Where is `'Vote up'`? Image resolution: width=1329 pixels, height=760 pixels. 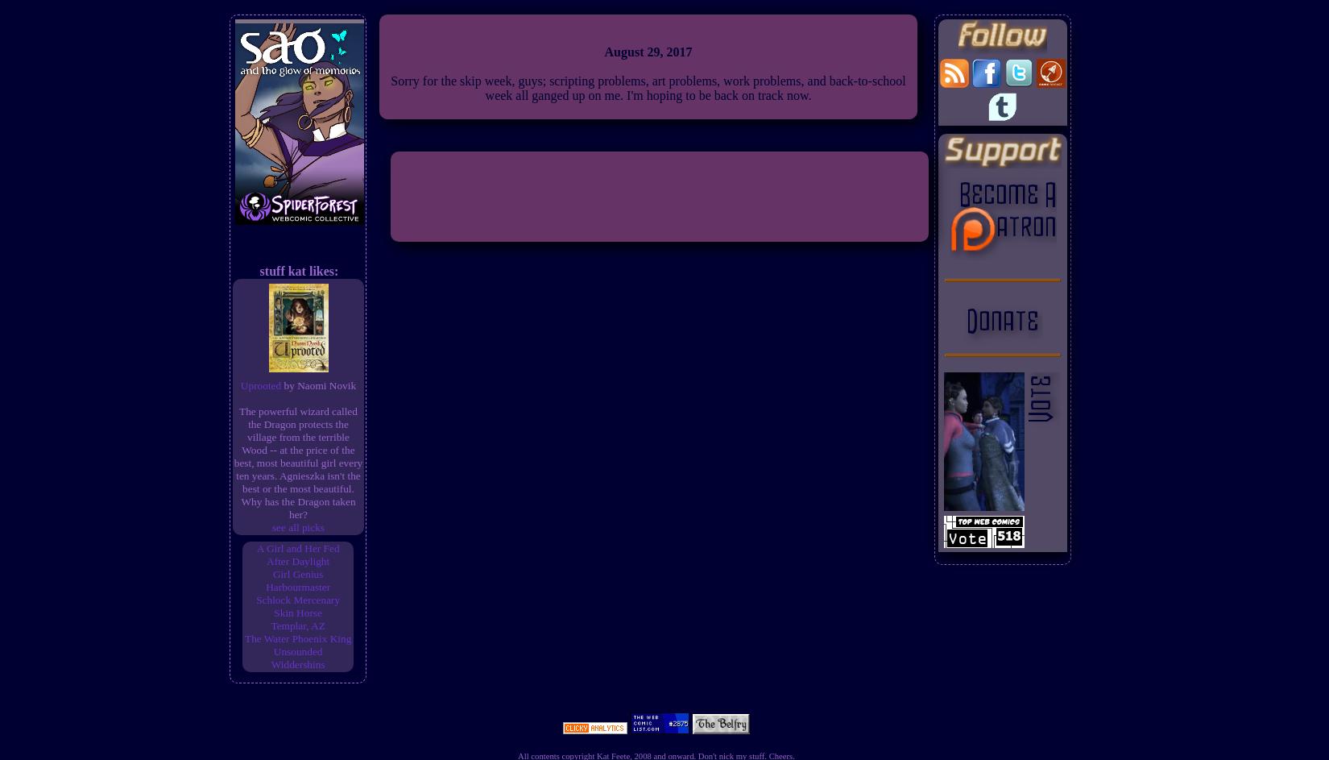
'Vote up' is located at coordinates (636, 699).